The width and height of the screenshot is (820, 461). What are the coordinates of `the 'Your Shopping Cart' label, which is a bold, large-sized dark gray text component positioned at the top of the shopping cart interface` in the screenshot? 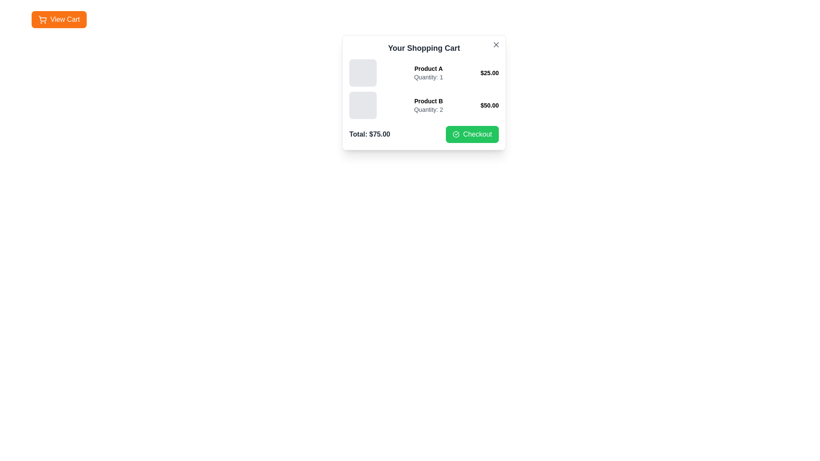 It's located at (424, 48).